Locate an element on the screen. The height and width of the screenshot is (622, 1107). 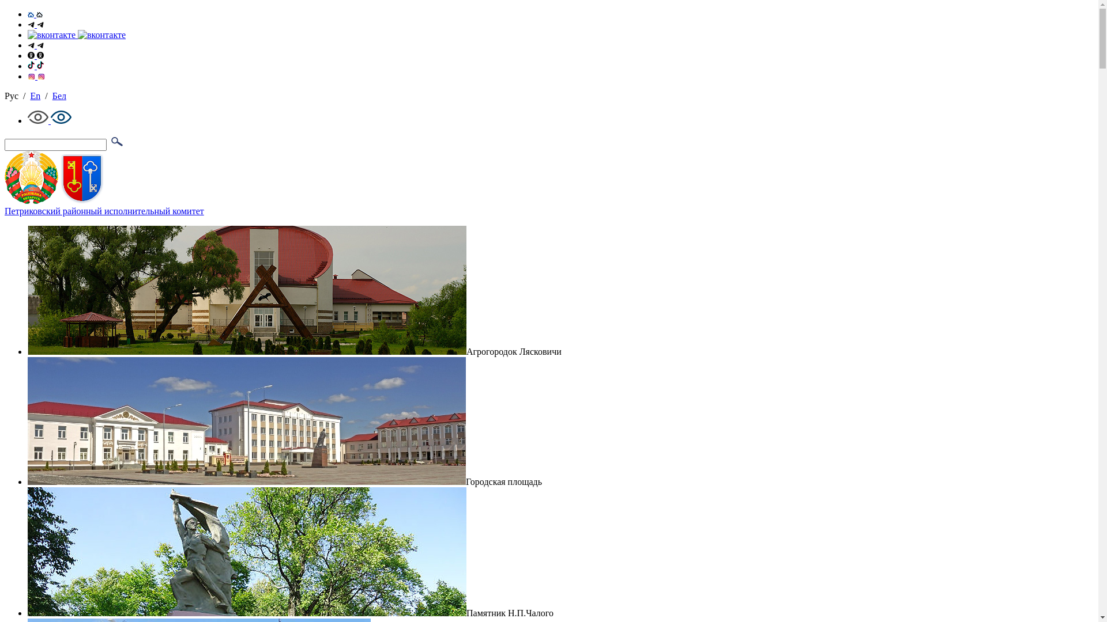
'Telegram' is located at coordinates (36, 44).